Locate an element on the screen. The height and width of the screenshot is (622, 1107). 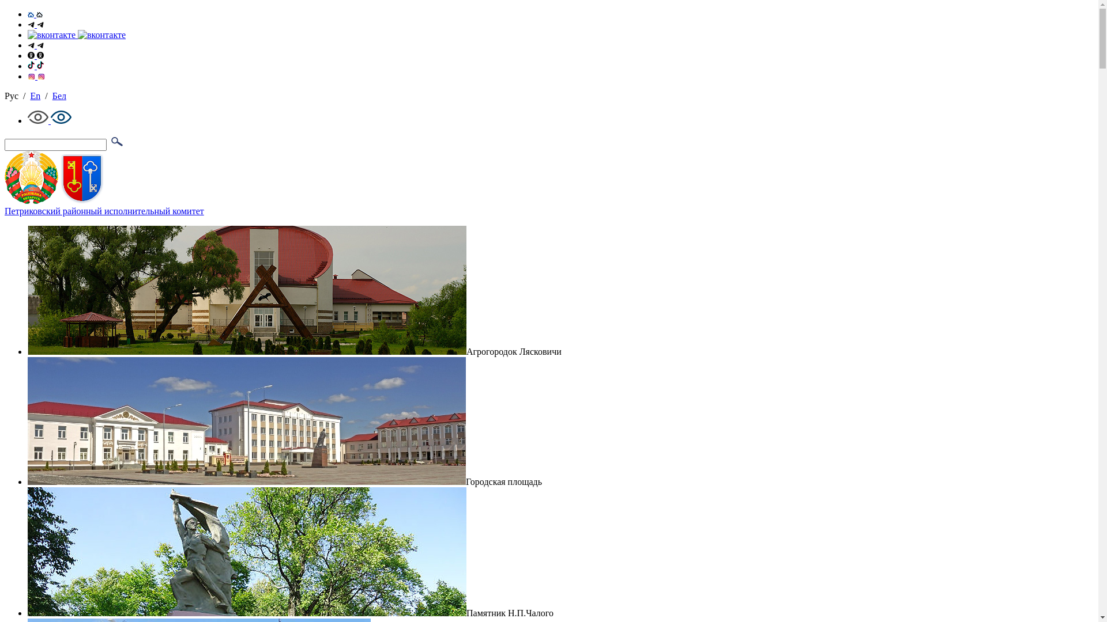
'Telegram' is located at coordinates (36, 44).